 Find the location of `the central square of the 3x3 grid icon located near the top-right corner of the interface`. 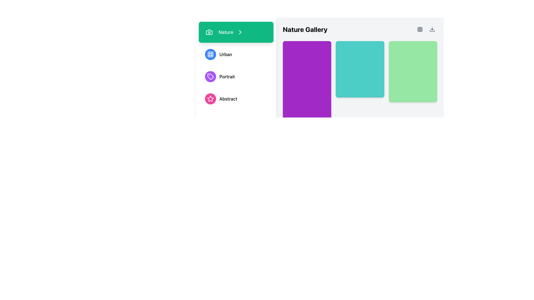

the central square of the 3x3 grid icon located near the top-right corner of the interface is located at coordinates (420, 29).